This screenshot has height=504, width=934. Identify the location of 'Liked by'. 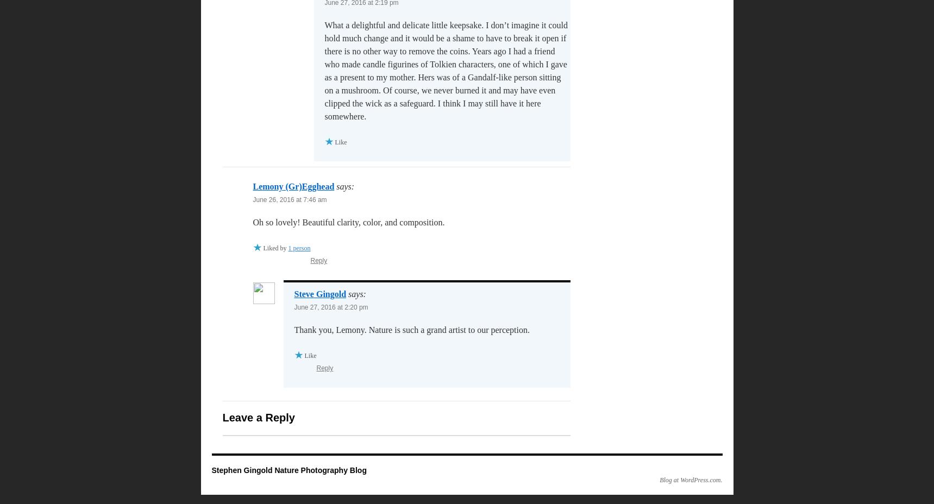
(274, 248).